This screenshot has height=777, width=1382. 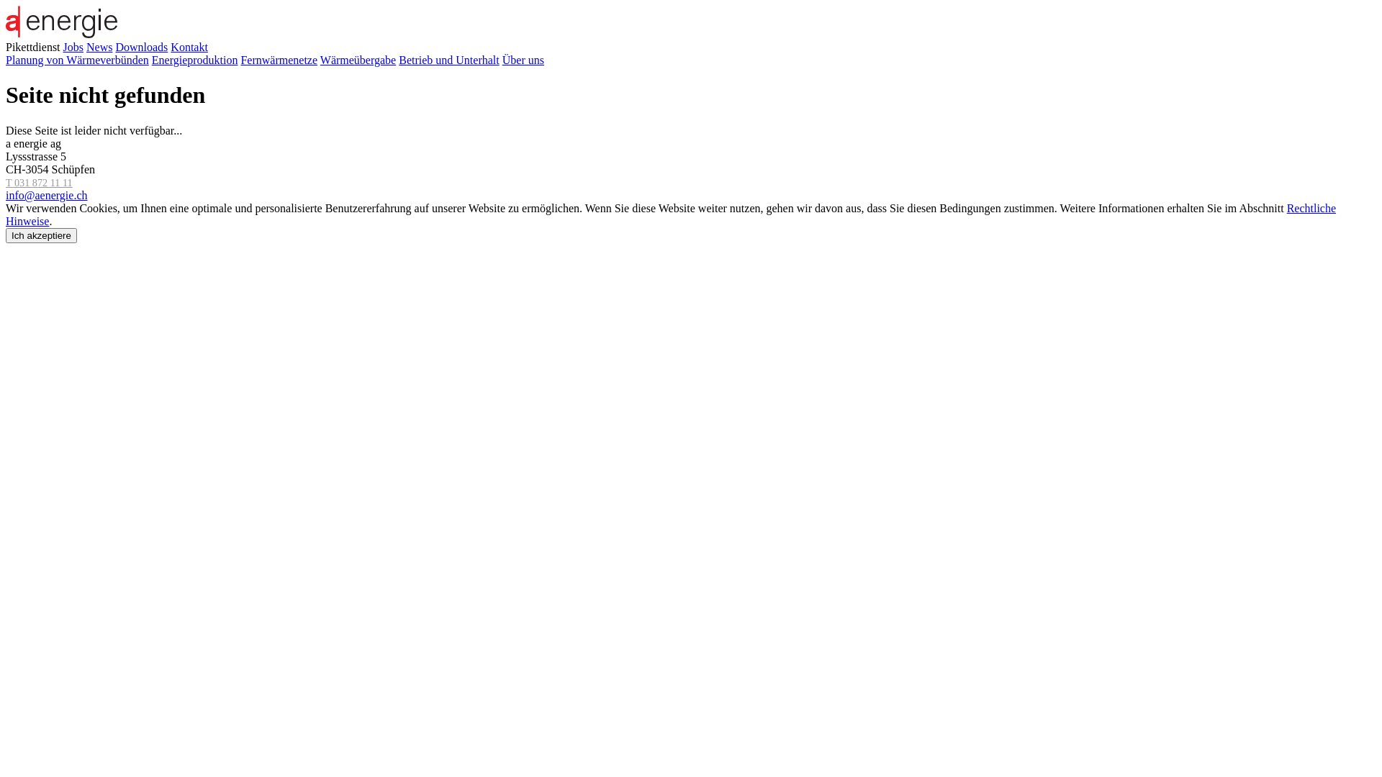 I want to click on 'Ich akzeptiere', so click(x=41, y=235).